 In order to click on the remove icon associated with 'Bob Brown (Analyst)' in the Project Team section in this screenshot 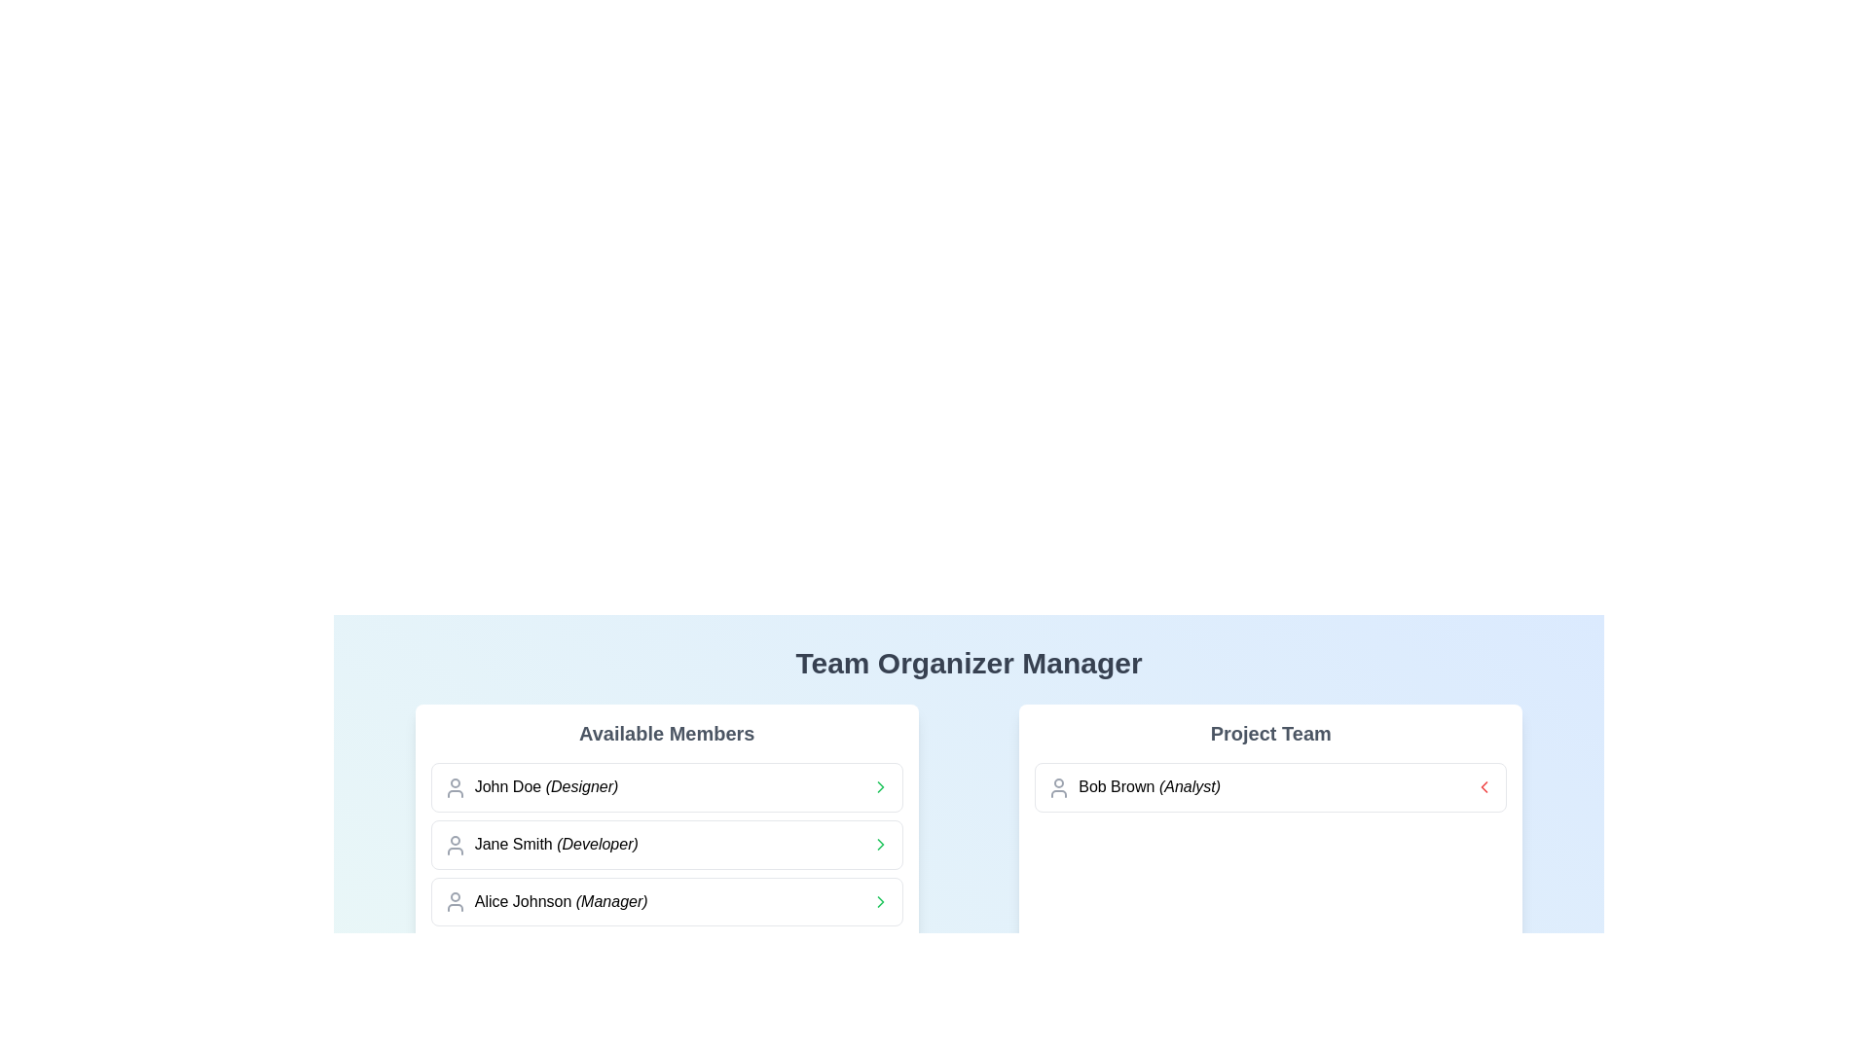, I will do `click(1484, 786)`.